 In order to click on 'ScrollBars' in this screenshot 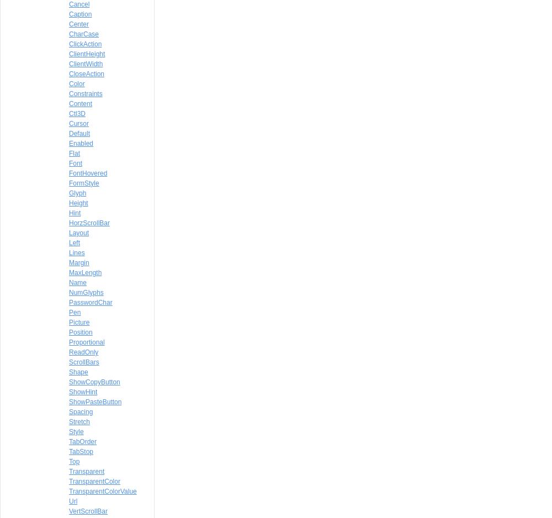, I will do `click(84, 362)`.